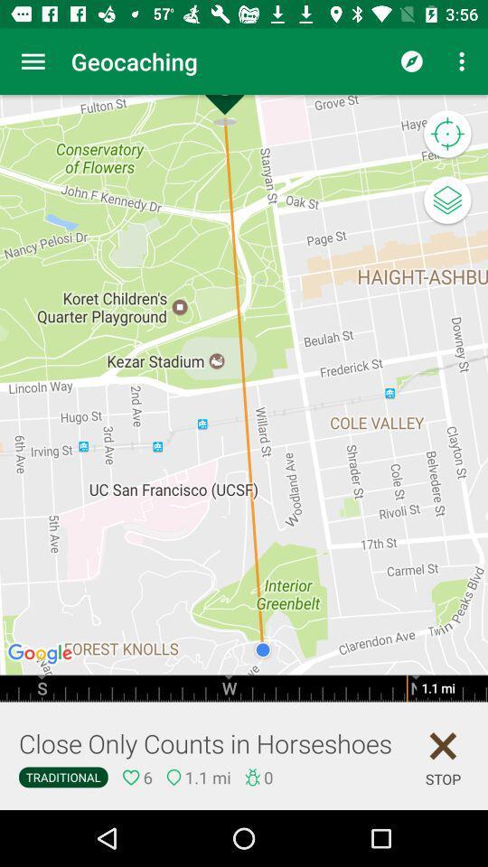  I want to click on the location_crosshair icon, so click(446, 134).